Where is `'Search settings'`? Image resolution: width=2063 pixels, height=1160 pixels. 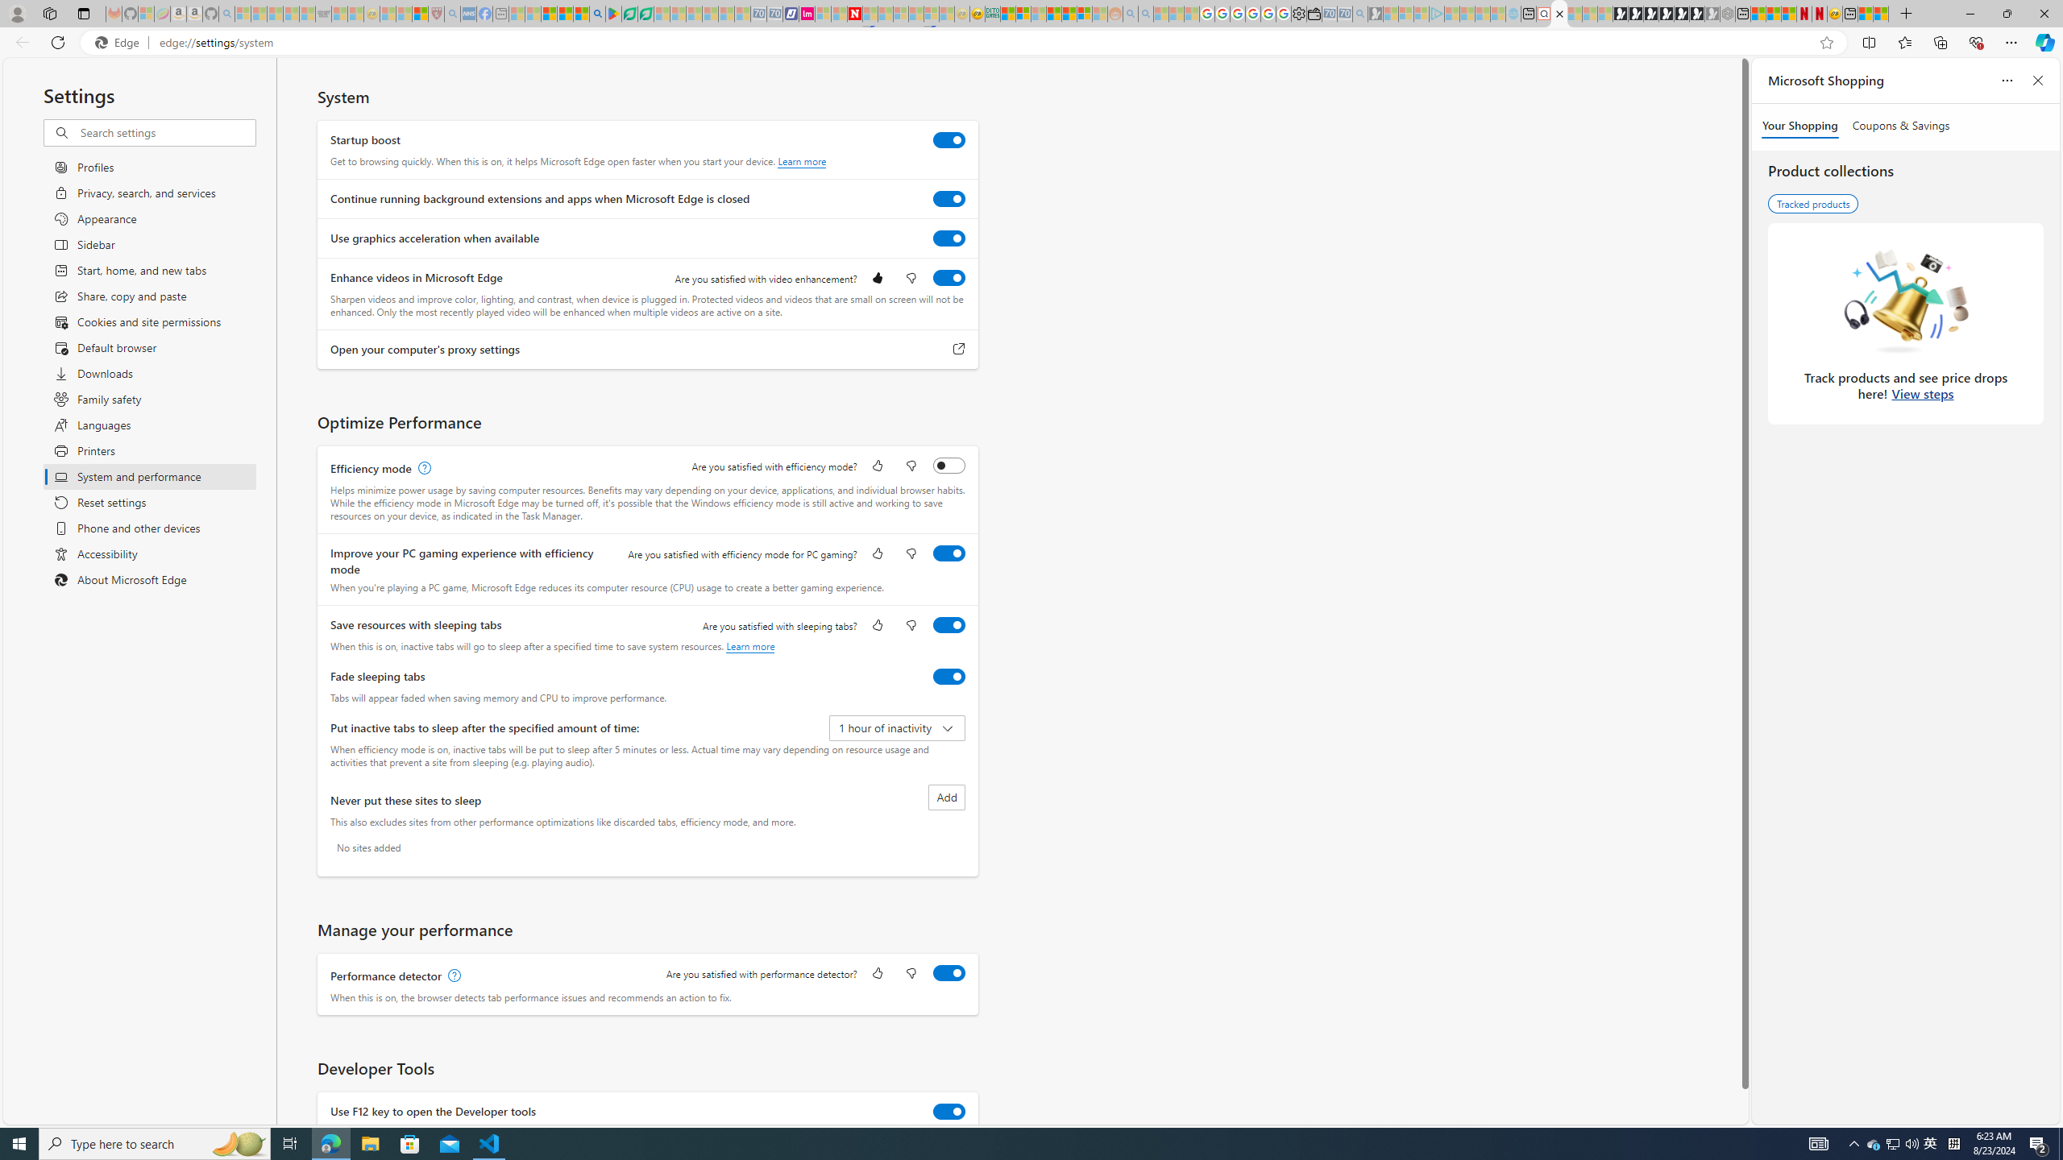
'Search settings' is located at coordinates (167, 132).